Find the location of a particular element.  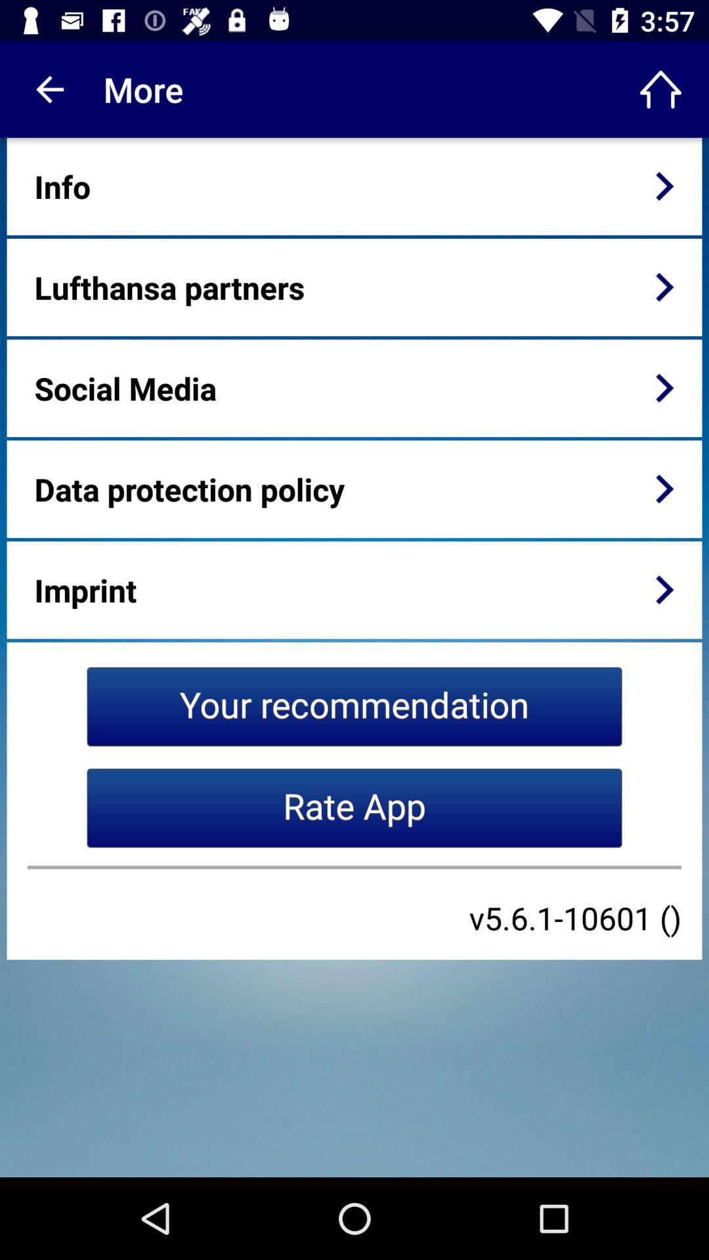

item below the info icon is located at coordinates (169, 286).